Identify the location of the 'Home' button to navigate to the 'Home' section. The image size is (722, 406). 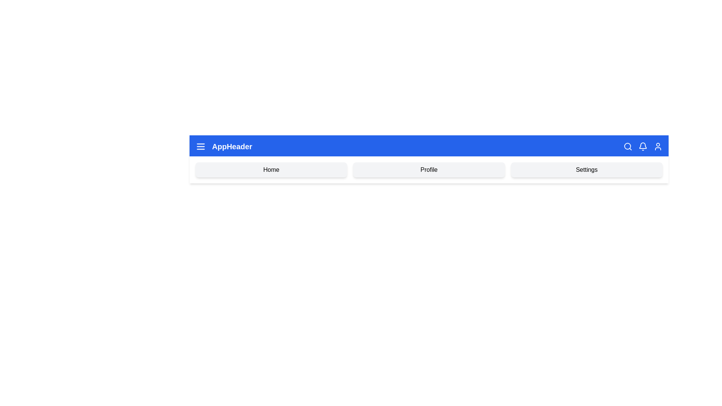
(271, 170).